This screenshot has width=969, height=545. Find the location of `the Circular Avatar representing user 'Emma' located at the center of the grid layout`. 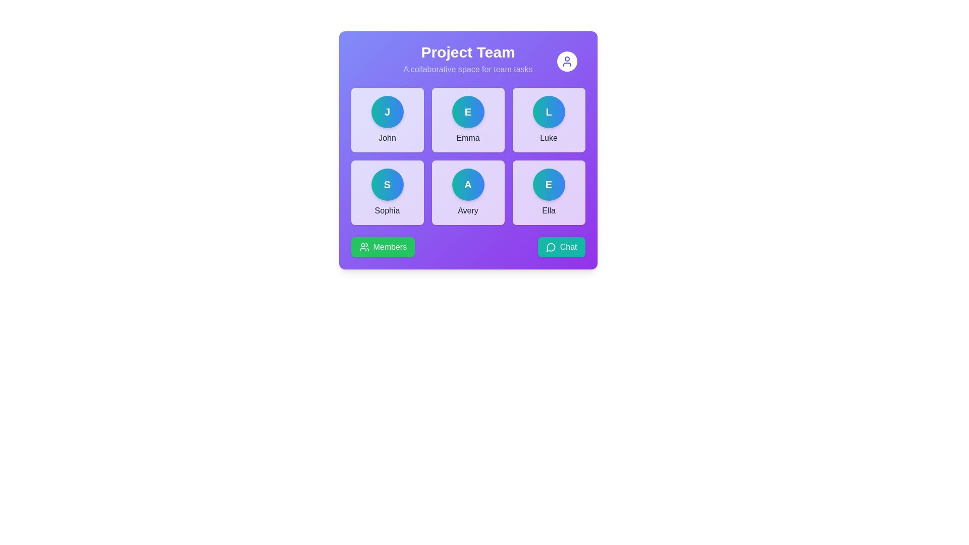

the Circular Avatar representing user 'Emma' located at the center of the grid layout is located at coordinates (467, 112).